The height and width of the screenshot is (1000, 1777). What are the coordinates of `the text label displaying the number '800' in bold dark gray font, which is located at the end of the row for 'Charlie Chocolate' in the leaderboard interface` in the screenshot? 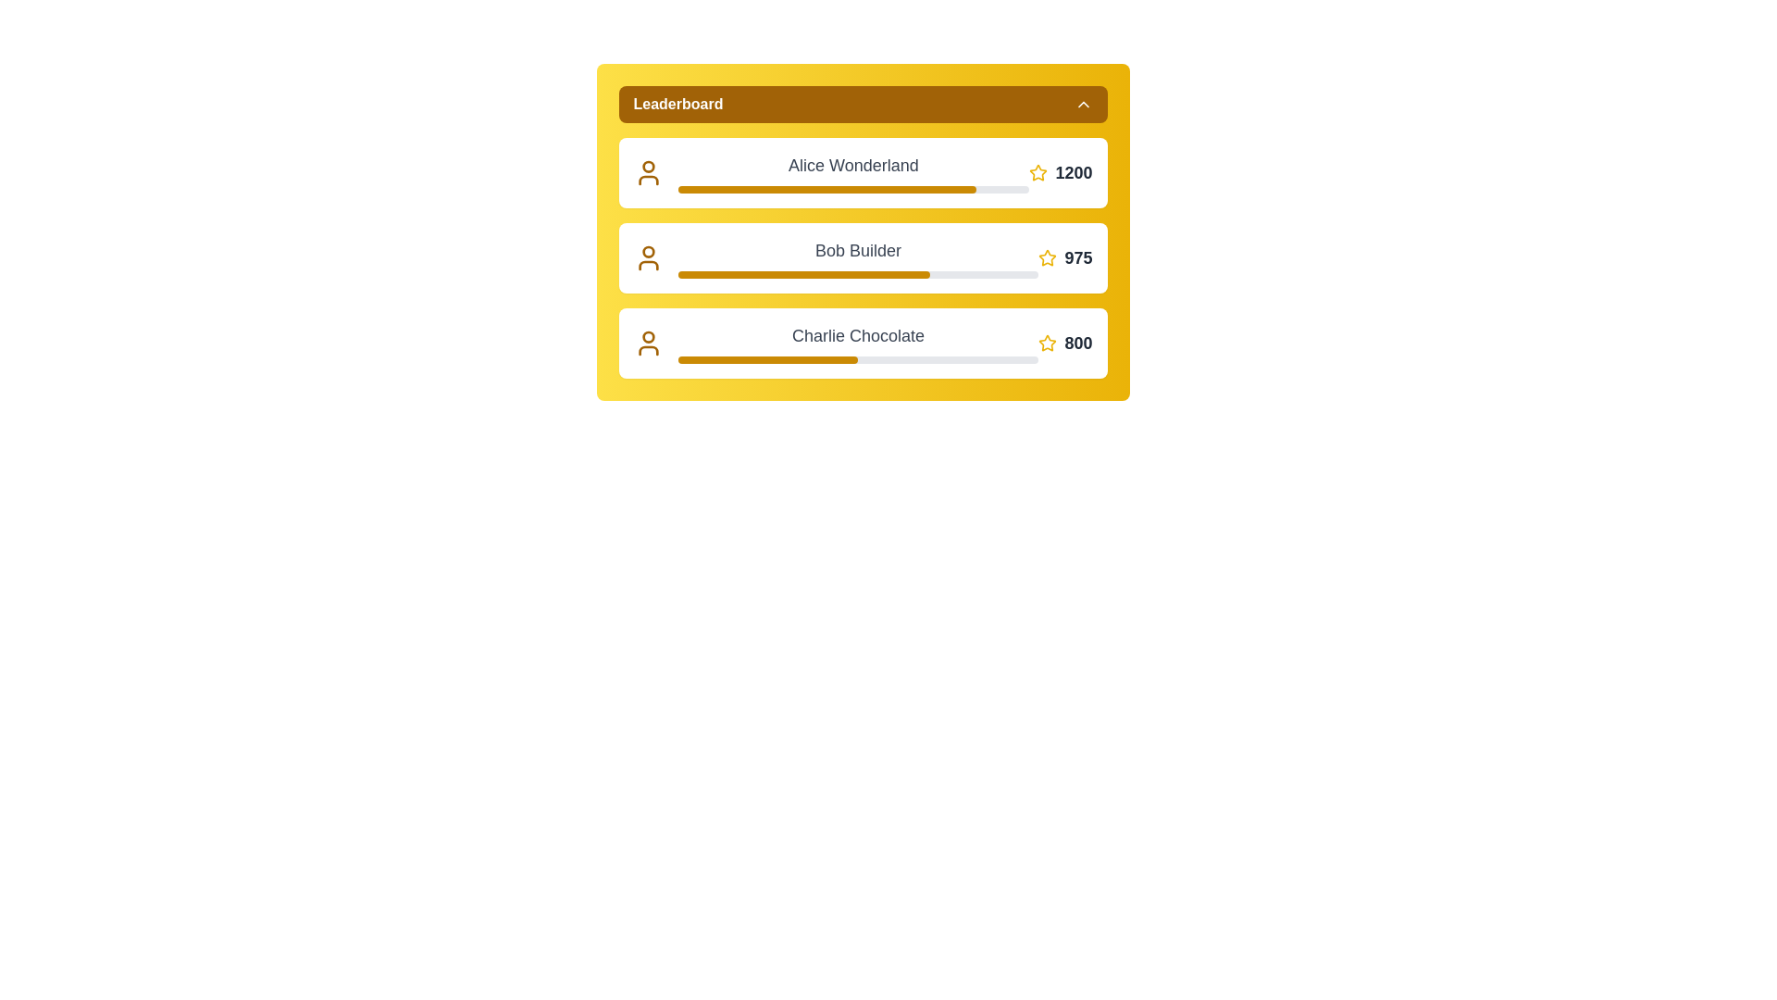 It's located at (1078, 343).